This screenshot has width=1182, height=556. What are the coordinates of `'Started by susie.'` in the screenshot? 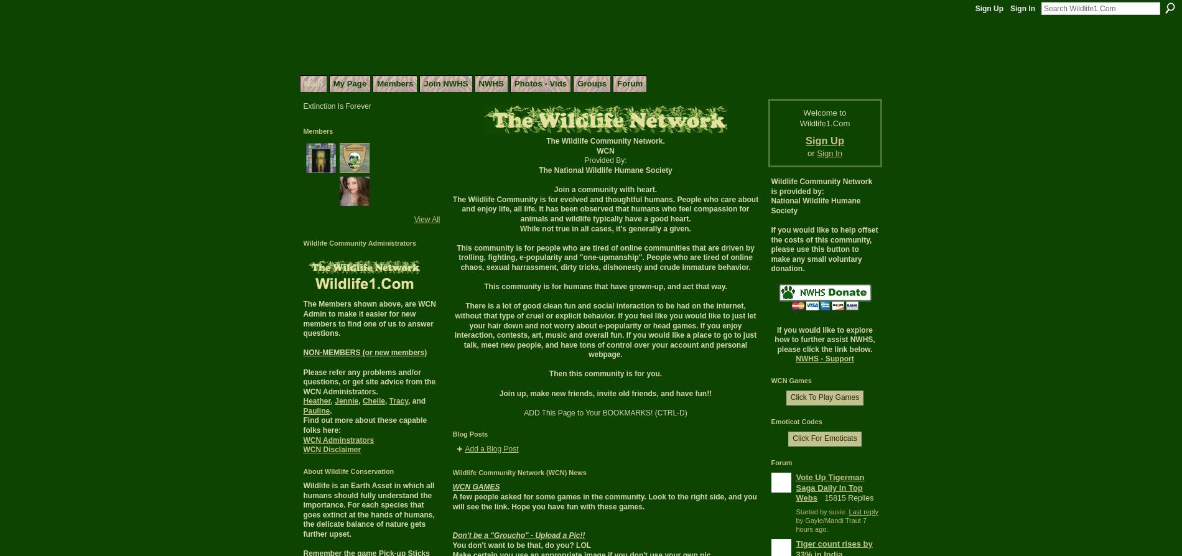 It's located at (795, 511).